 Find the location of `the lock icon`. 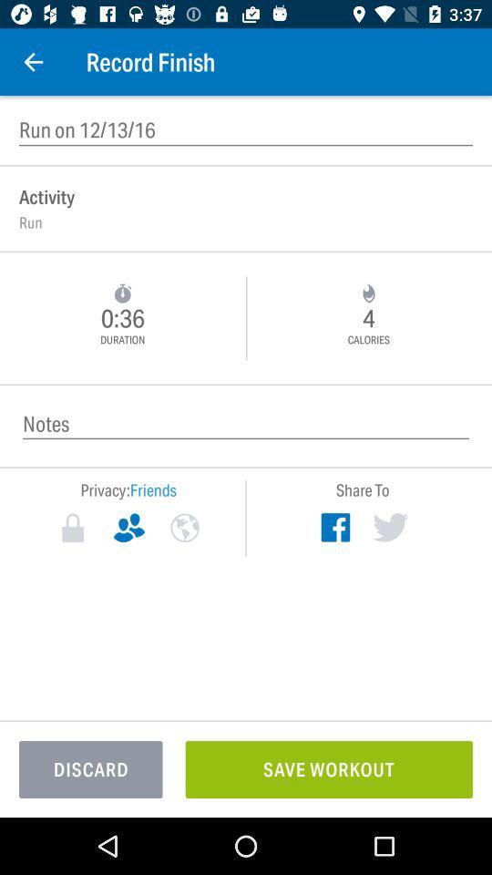

the lock icon is located at coordinates (72, 528).